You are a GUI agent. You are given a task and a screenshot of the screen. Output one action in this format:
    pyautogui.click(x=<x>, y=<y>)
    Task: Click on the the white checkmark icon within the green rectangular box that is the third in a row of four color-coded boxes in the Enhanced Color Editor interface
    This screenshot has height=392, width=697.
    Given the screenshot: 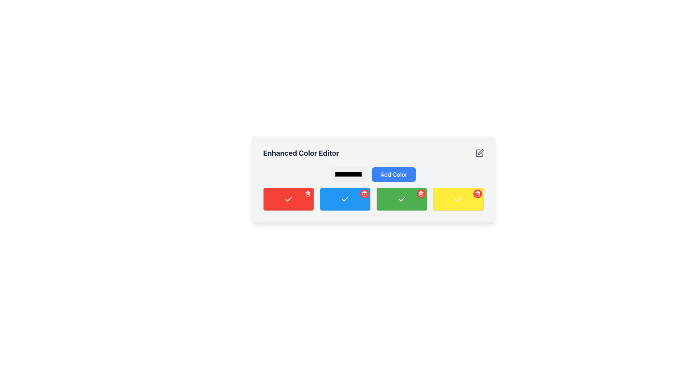 What is the action you would take?
    pyautogui.click(x=402, y=199)
    